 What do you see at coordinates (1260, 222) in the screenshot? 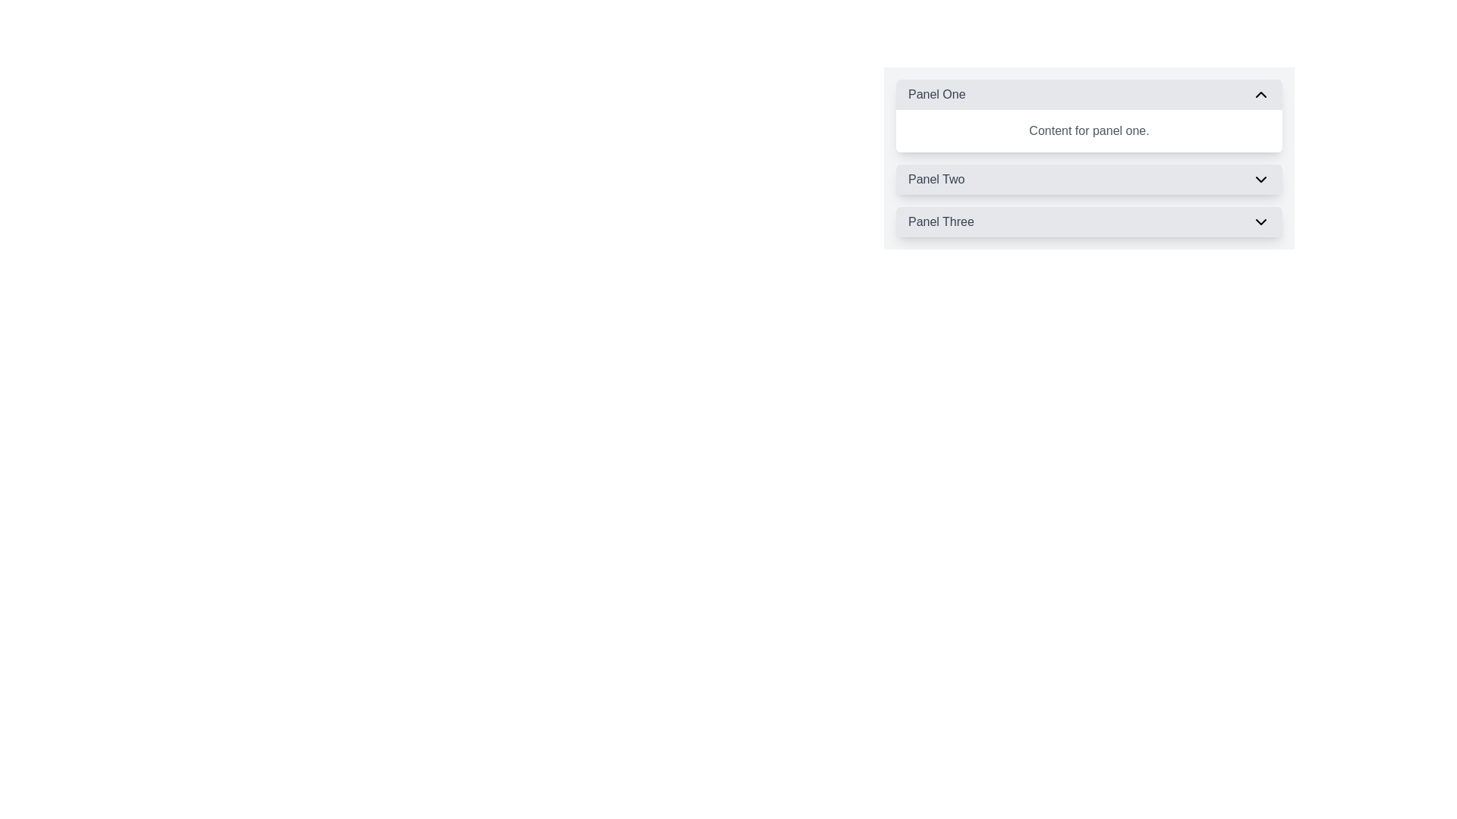
I see `the downward-pointing chevron icon with a black border located at the far right of the 'Panel Three' header row, adjacent to the text label 'Panel Three'` at bounding box center [1260, 222].